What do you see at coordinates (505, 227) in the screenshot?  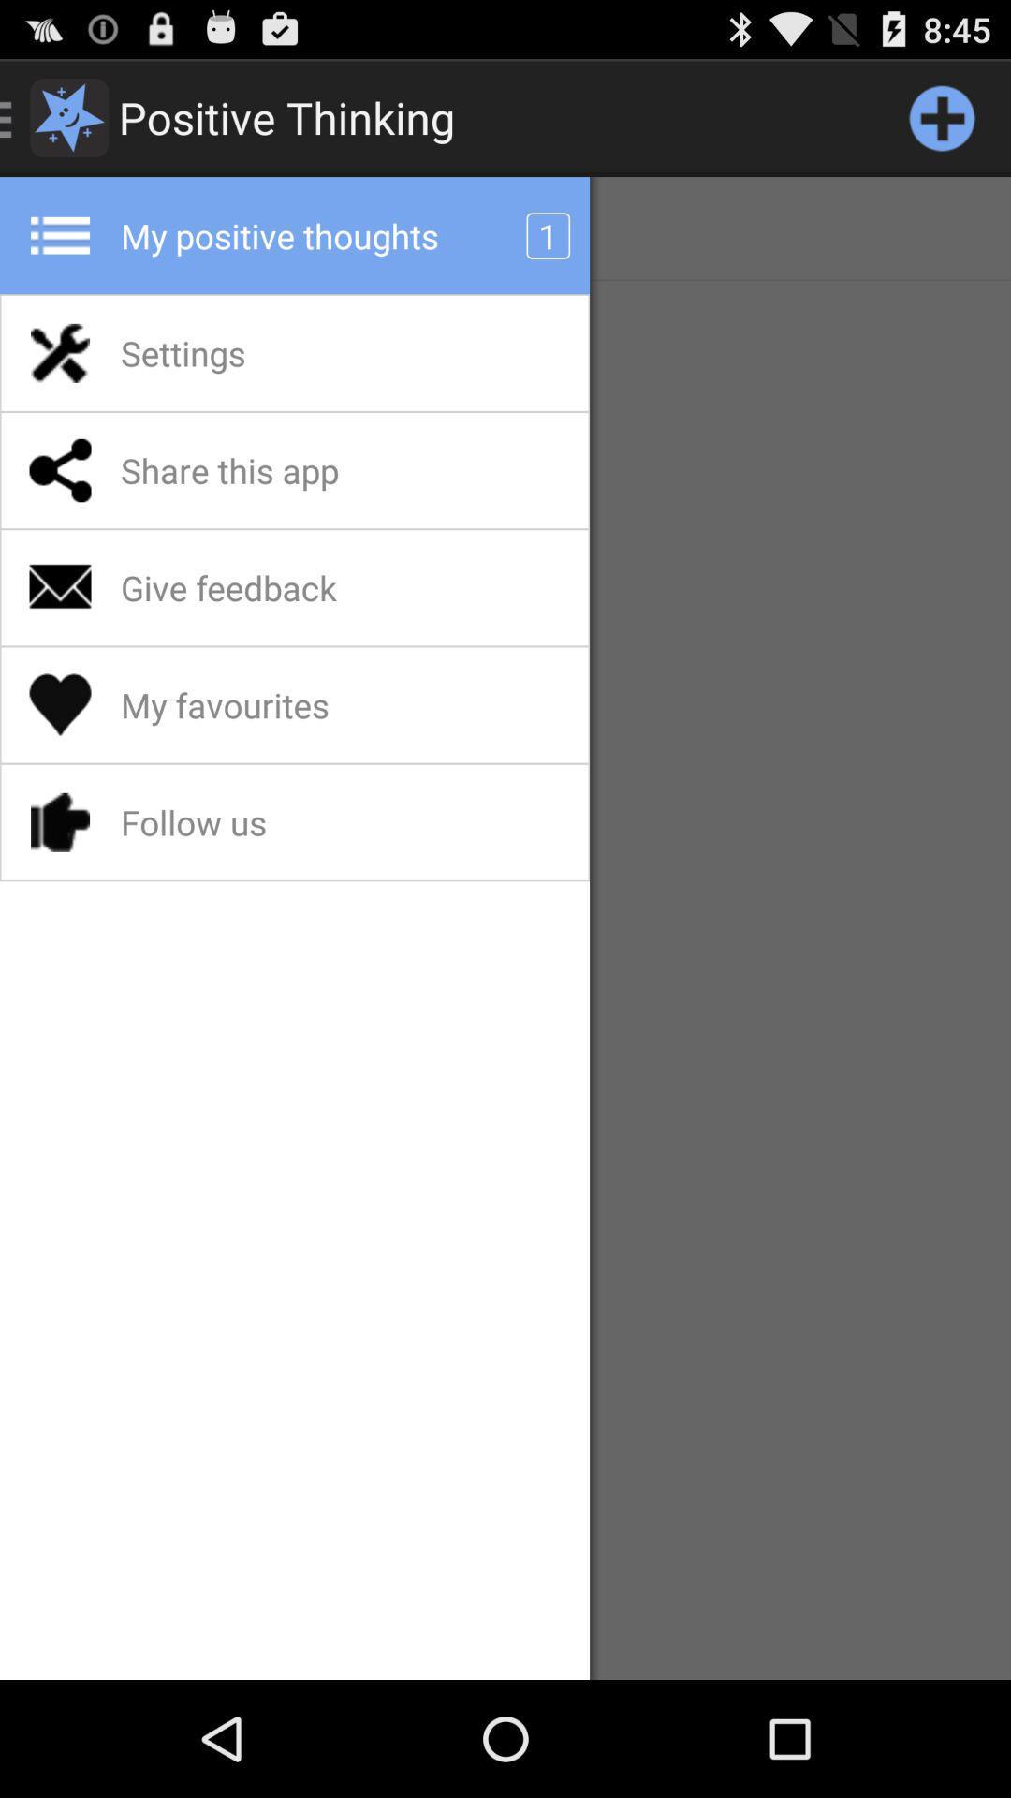 I see `item above the settings` at bounding box center [505, 227].